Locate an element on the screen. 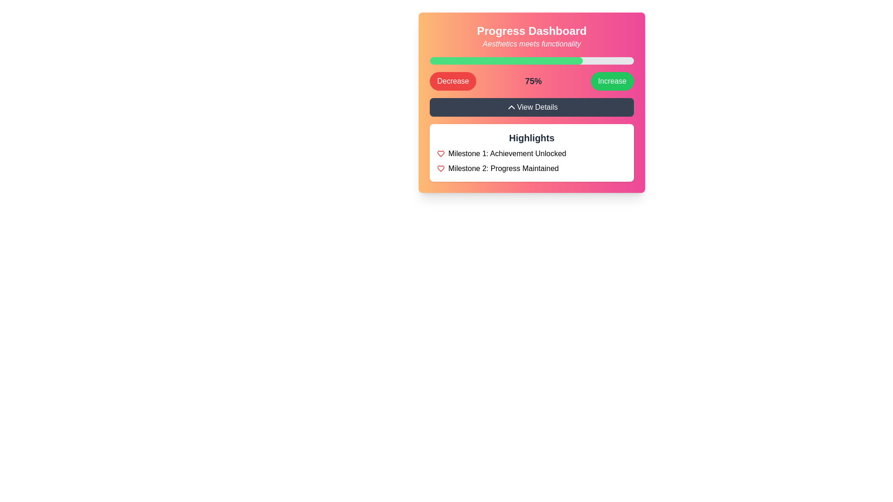 The image size is (893, 502). the label displaying '75%' which is centrally located between the 'Decrease' and 'Increase' buttons, indicating a value is located at coordinates (533, 80).